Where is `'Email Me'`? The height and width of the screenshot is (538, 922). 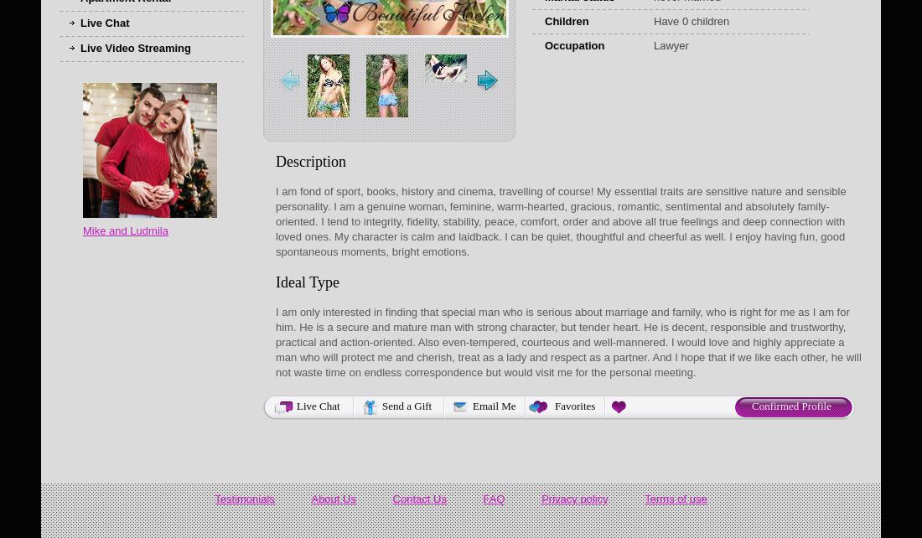 'Email Me' is located at coordinates (471, 405).